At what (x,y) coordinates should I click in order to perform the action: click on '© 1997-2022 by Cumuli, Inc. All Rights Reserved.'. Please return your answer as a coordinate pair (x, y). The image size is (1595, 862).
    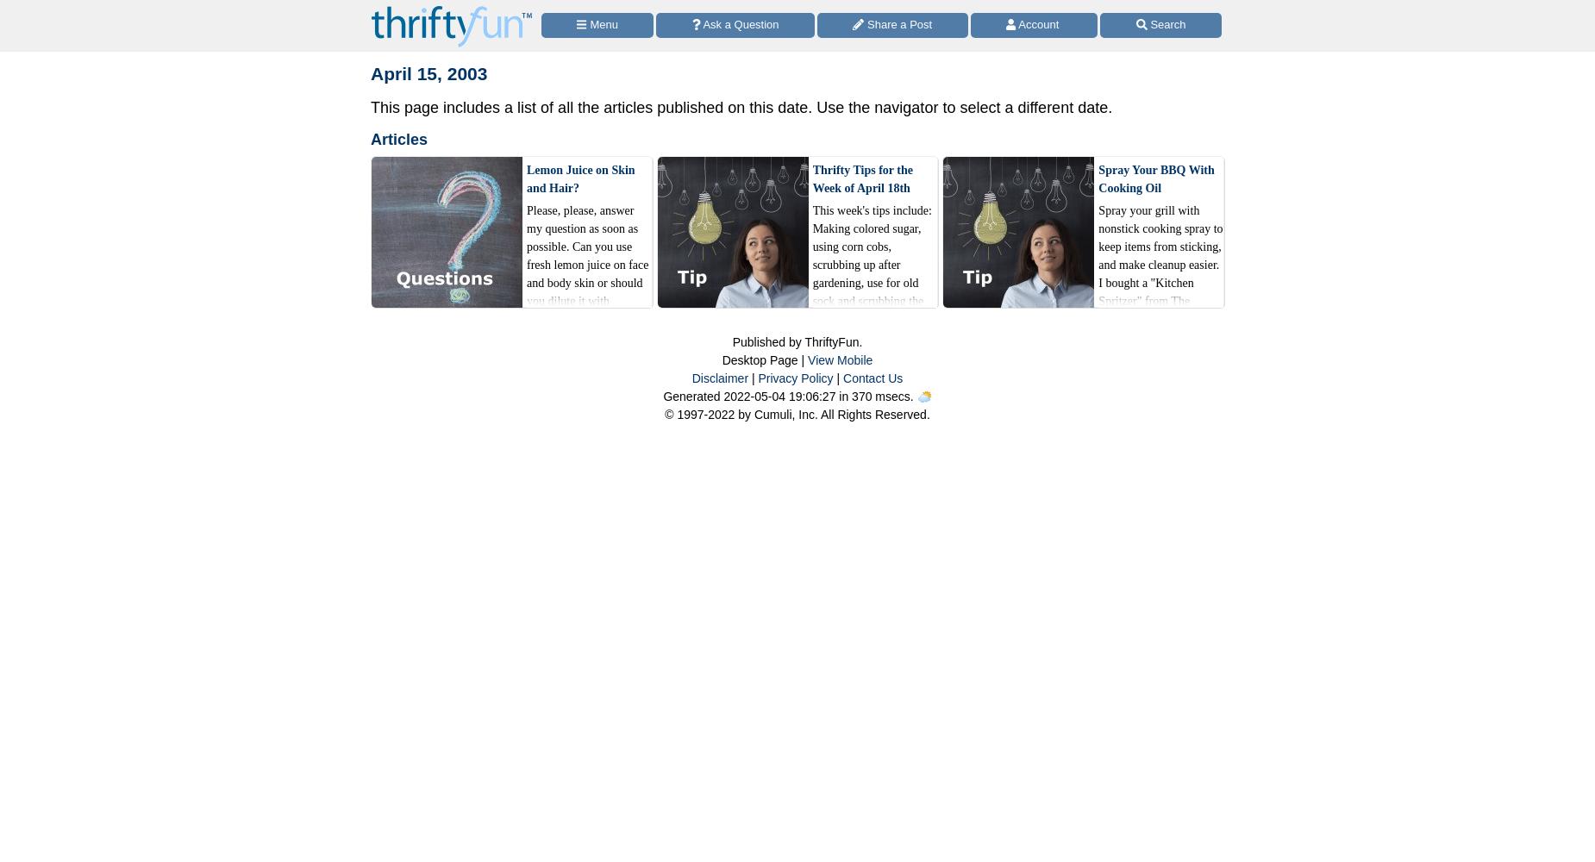
    Looking at the image, I should click on (797, 413).